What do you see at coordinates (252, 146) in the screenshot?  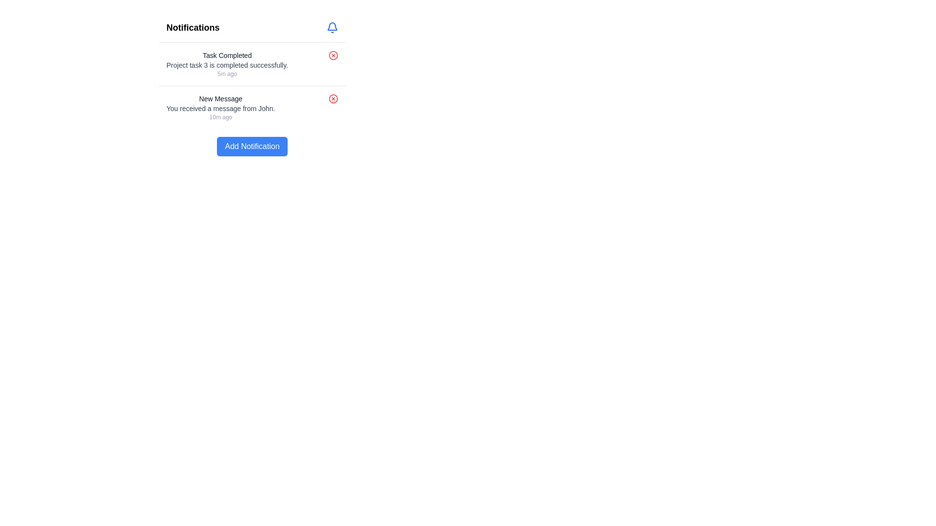 I see `the blue rectangular button with rounded corners that contains the text 'Add Notification' to observe any hover-specific effects` at bounding box center [252, 146].